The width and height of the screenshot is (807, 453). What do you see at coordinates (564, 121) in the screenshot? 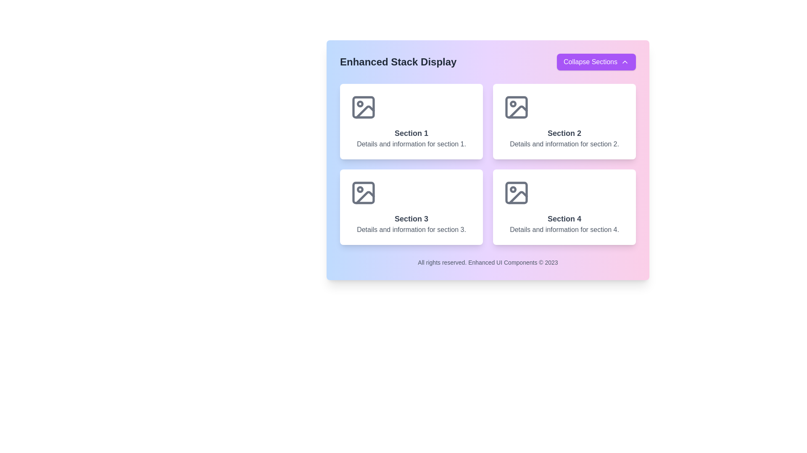
I see `the information card located in the top-right corner of the 2x2 grid layout for navigation or selection` at bounding box center [564, 121].